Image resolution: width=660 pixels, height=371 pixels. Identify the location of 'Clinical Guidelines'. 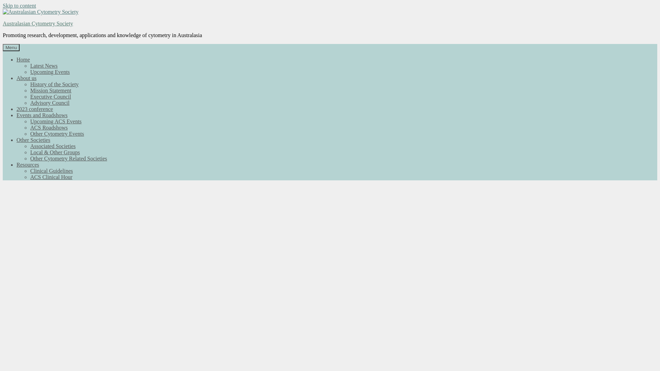
(51, 170).